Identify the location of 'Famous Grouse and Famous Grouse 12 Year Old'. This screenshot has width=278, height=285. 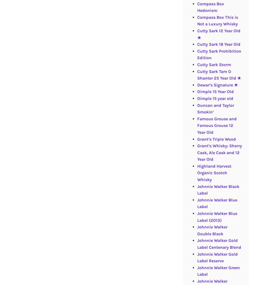
(216, 125).